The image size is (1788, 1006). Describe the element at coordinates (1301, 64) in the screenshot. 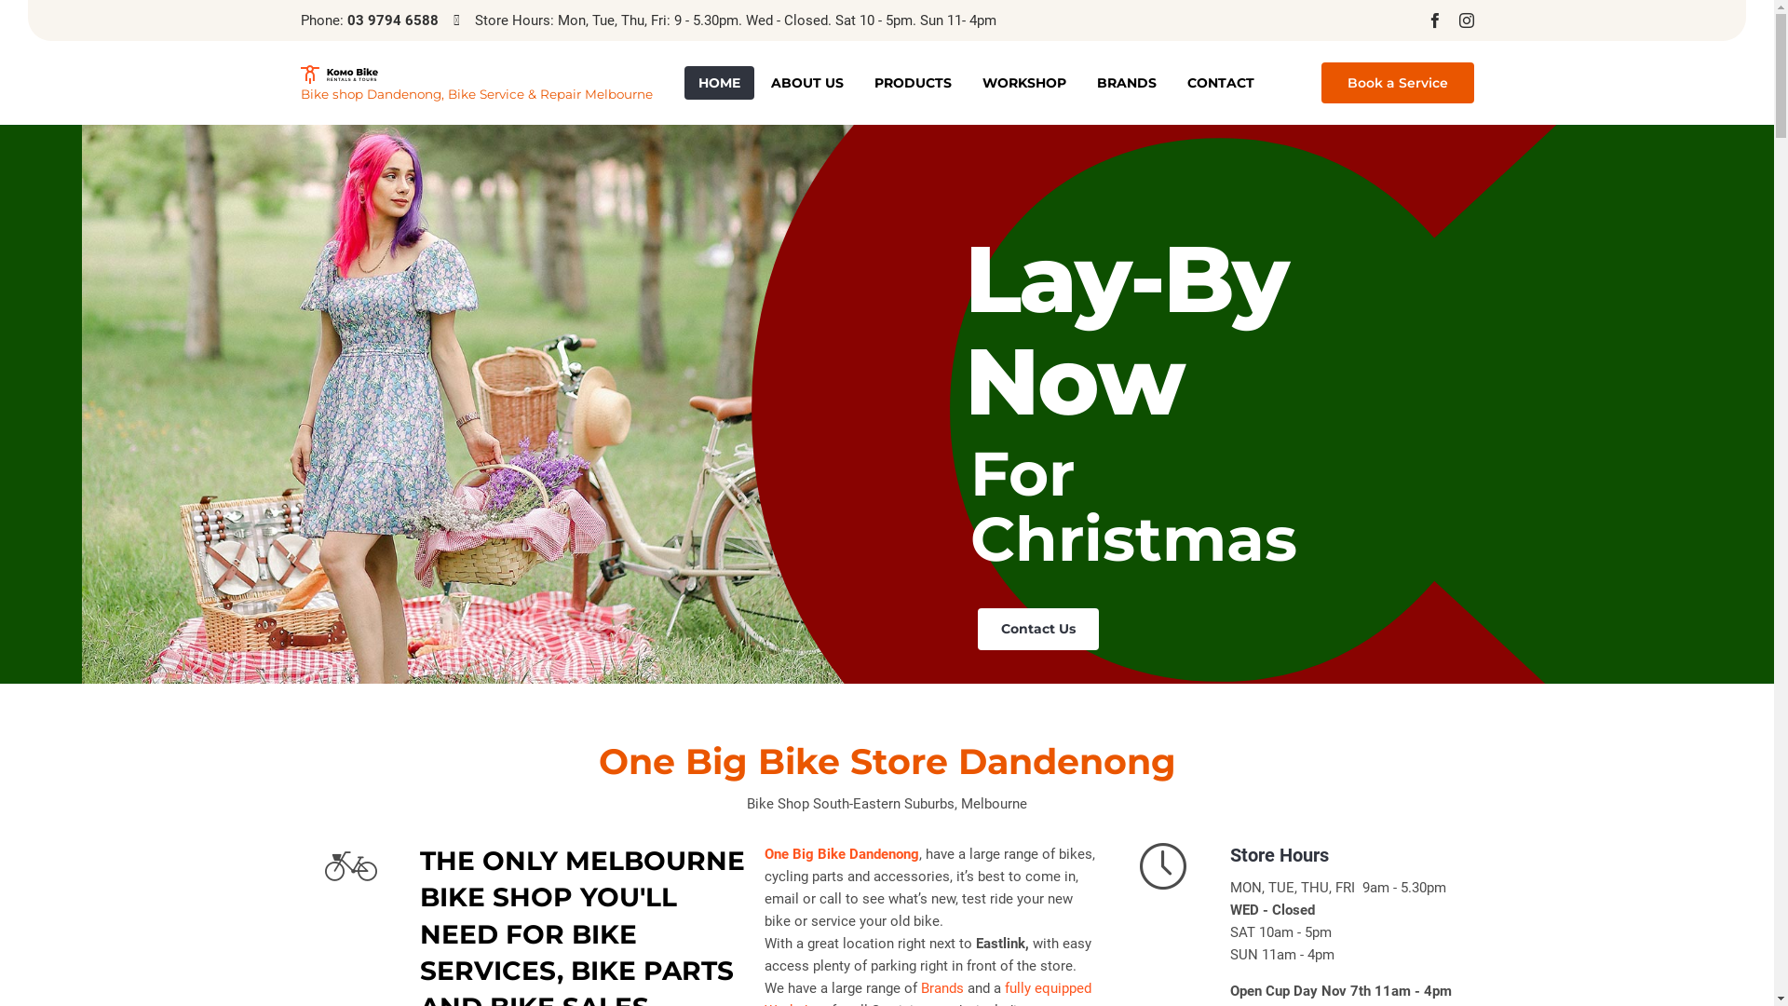

I see `'Skip to content'` at that location.